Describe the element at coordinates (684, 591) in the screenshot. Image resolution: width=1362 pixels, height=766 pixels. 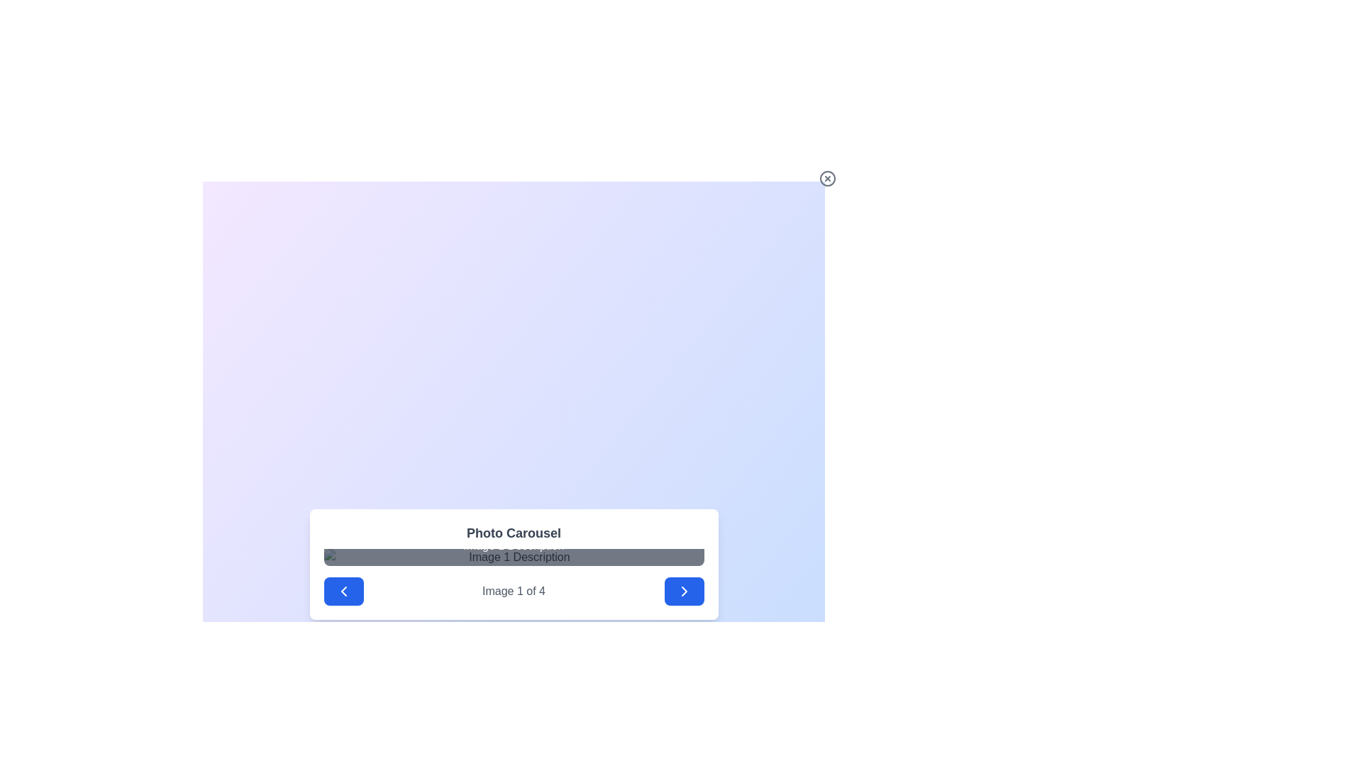
I see `the rounded rectangular button with a blue background and a white right chevron icon` at that location.